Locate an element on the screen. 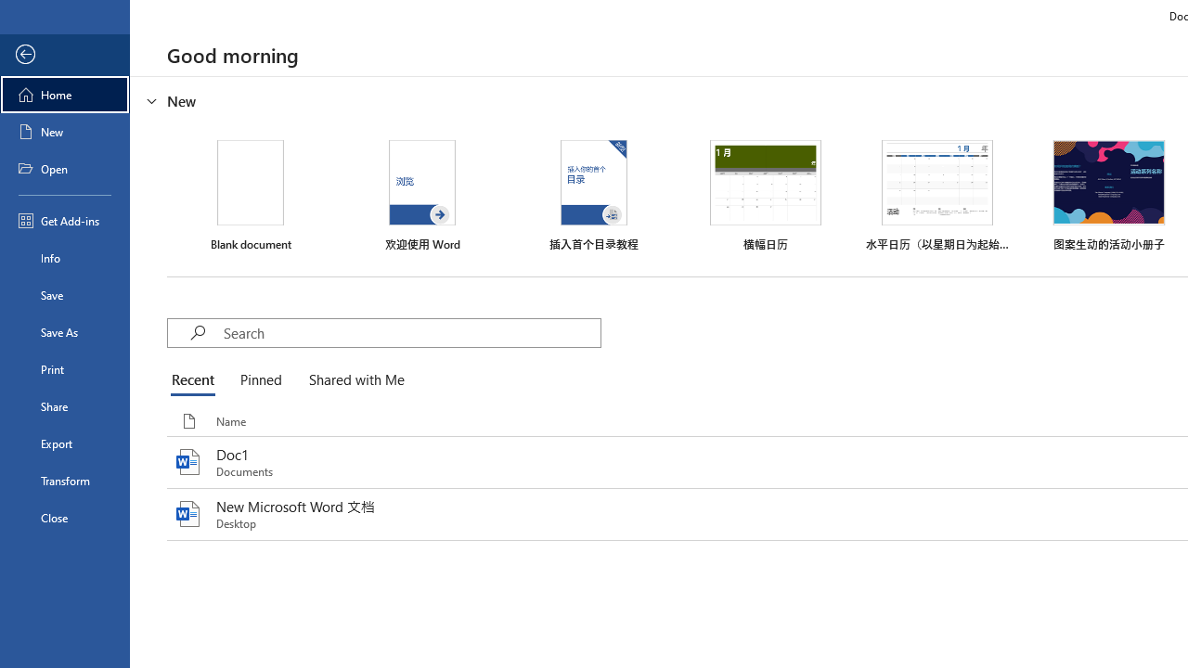 This screenshot has width=1188, height=668. 'Export' is located at coordinates (64, 443).